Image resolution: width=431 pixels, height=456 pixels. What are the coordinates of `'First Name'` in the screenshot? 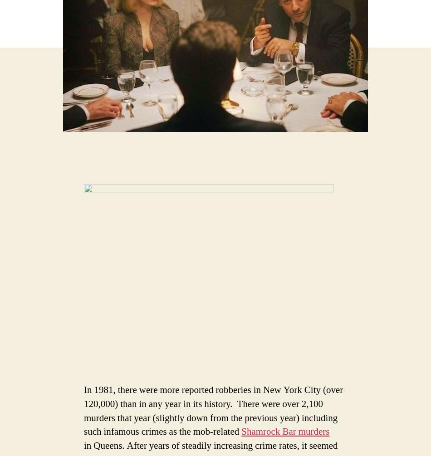 It's located at (35, 128).